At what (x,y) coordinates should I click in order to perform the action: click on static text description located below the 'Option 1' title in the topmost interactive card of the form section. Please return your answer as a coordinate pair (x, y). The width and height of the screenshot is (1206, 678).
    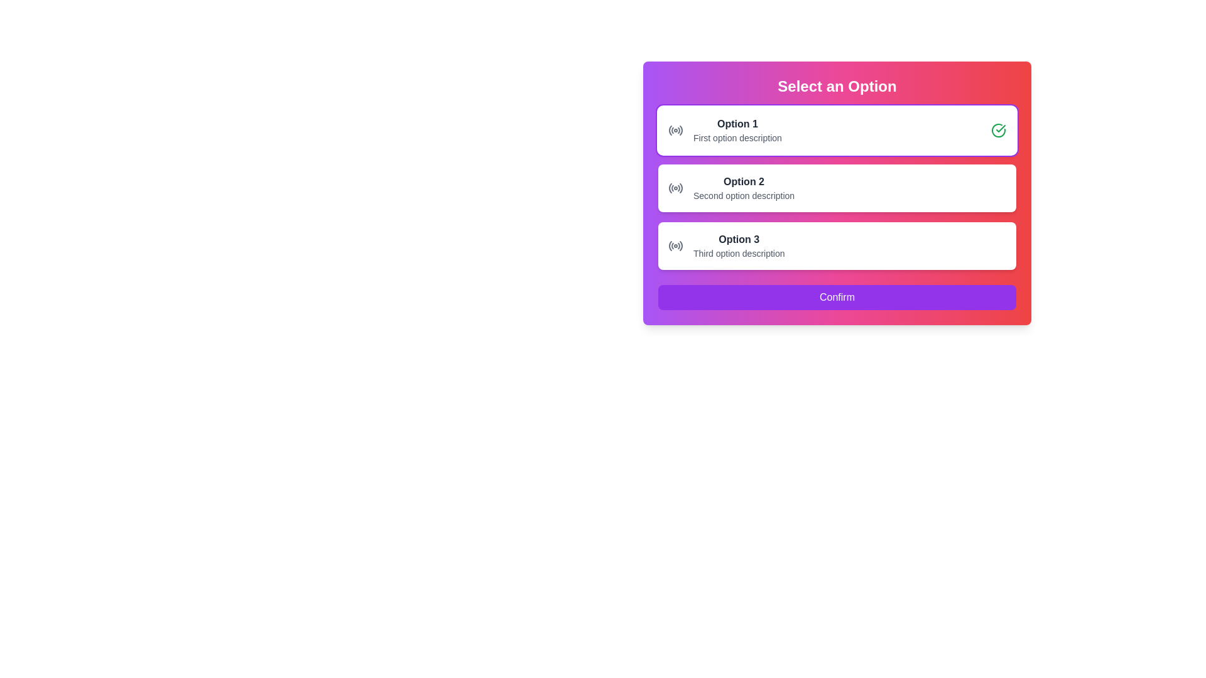
    Looking at the image, I should click on (737, 137).